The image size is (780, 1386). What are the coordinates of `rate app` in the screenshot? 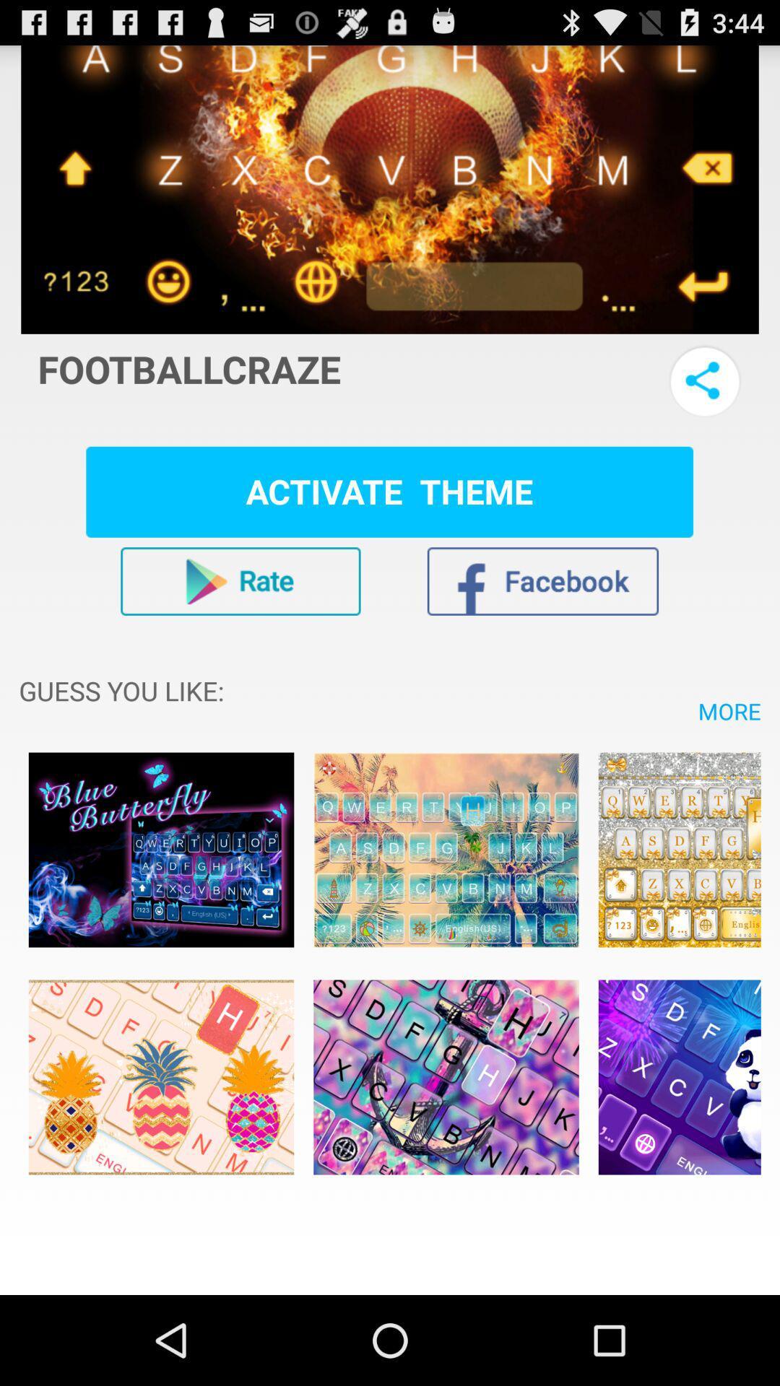 It's located at (240, 581).